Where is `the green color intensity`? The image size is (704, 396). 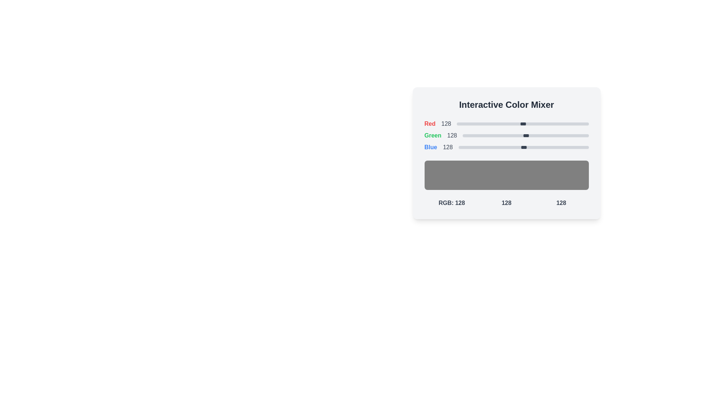 the green color intensity is located at coordinates (577, 136).